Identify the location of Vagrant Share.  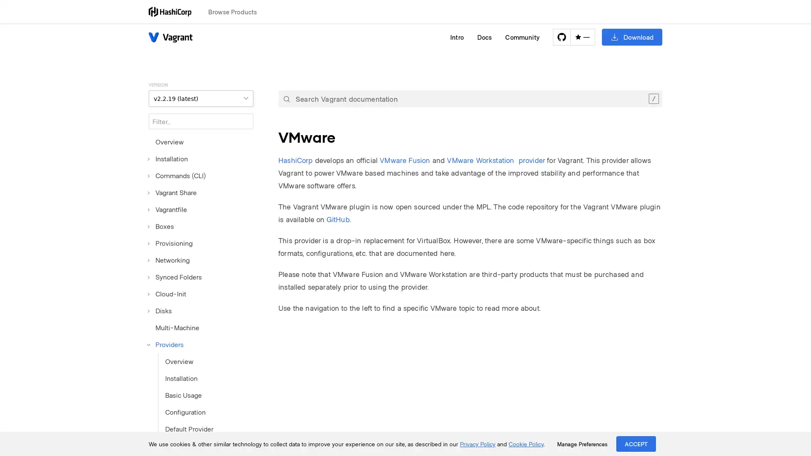
(172, 192).